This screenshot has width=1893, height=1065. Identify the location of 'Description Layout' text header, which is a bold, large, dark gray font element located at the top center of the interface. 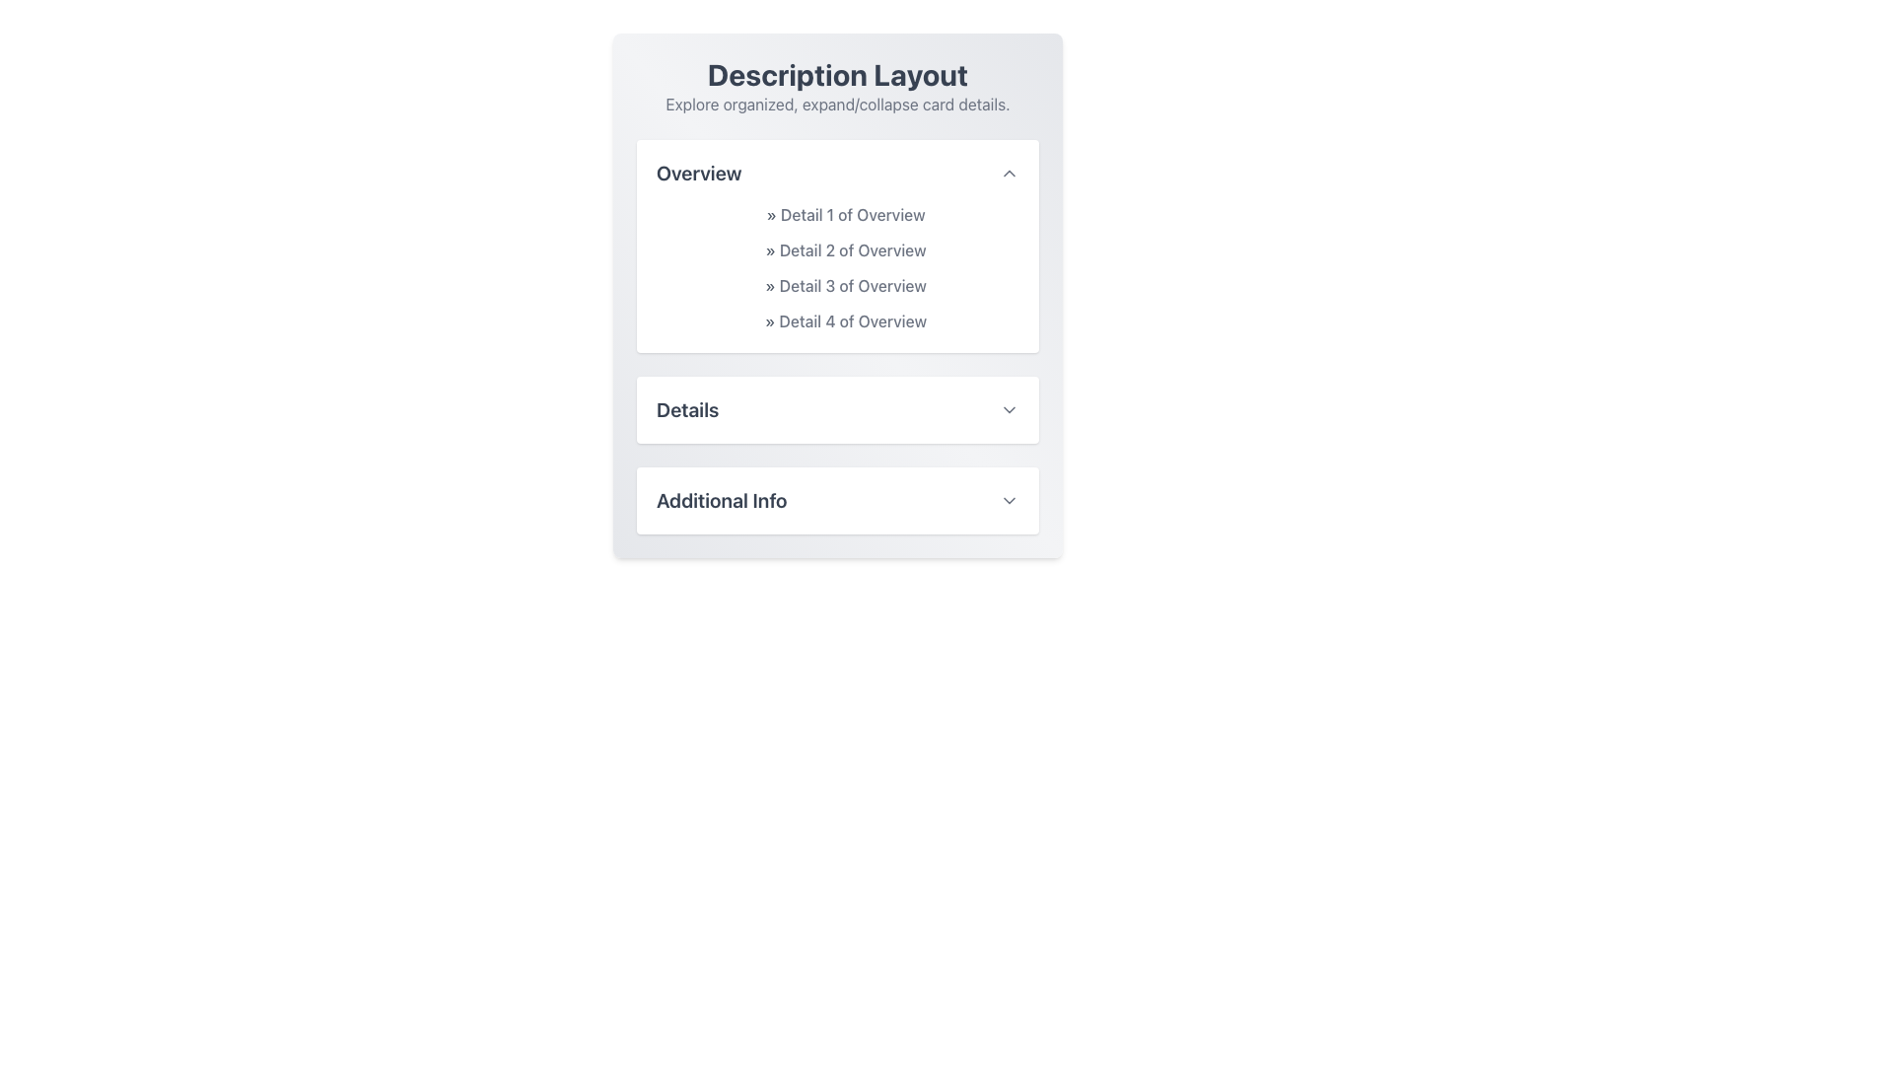
(837, 74).